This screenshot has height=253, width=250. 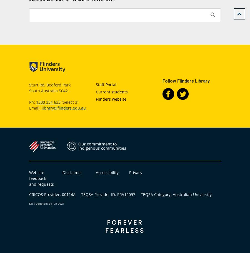 What do you see at coordinates (125, 226) in the screenshot?
I see `'FOREVER FEARLESS'` at bounding box center [125, 226].